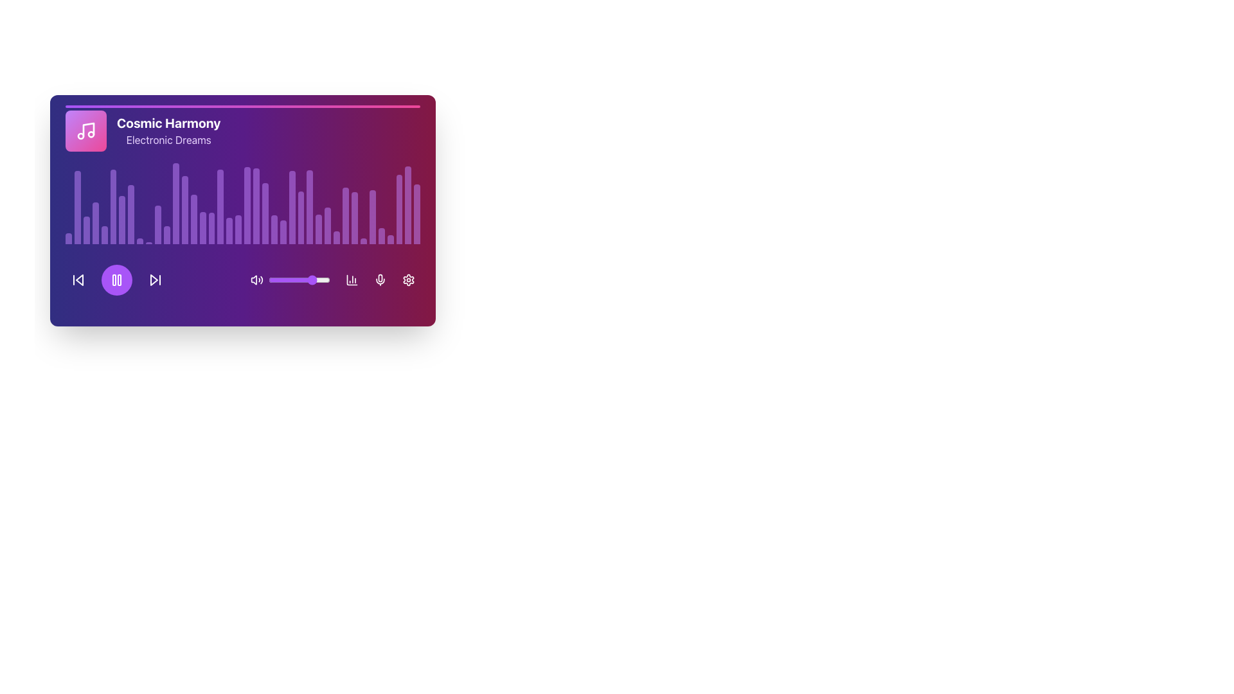  I want to click on the rightmost graph bar in the bar graph representation of the audio waveform or volume level, so click(407, 204).